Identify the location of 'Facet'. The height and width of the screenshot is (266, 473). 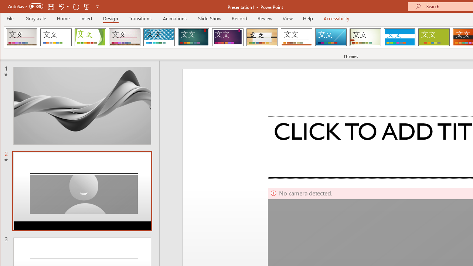
(90, 37).